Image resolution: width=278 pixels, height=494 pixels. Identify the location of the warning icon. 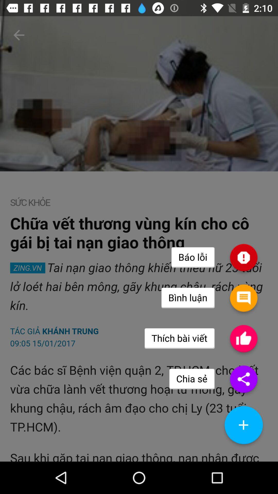
(243, 278).